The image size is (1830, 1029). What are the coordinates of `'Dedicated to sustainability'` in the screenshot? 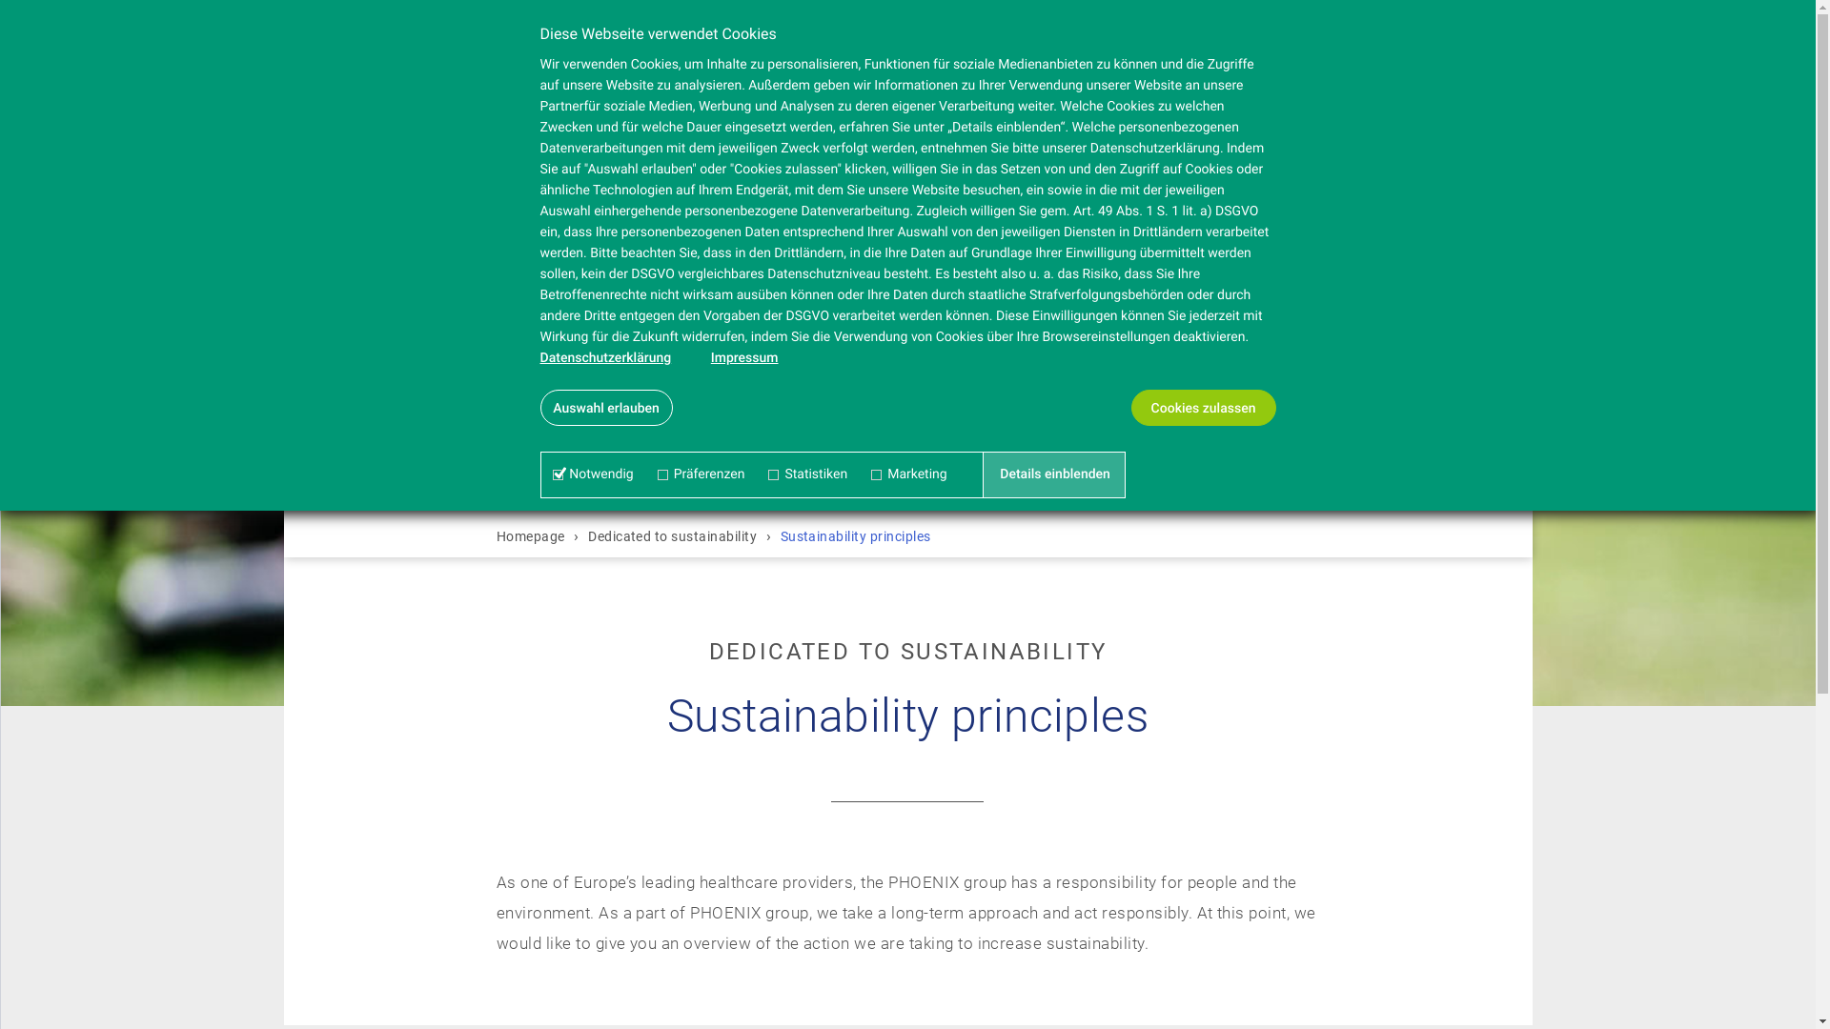 It's located at (581, 536).